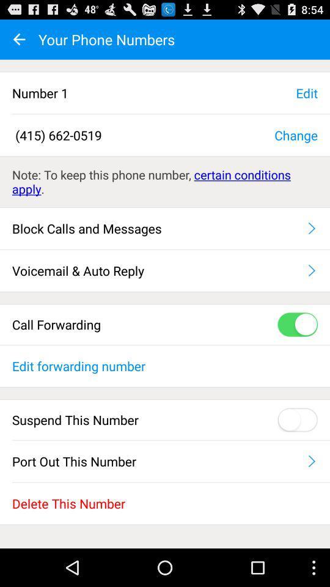 The image size is (330, 587). I want to click on the change item, so click(295, 135).